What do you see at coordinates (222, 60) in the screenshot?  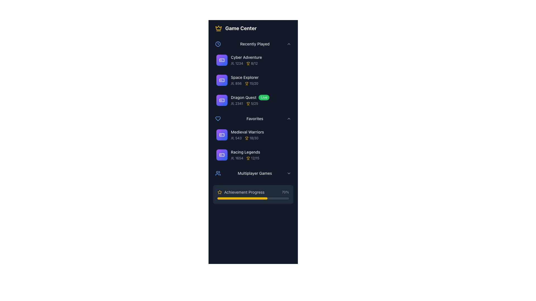 I see `the 'Cyber Adventure' game icon, which is the first entry in the 'Recently Played' list` at bounding box center [222, 60].